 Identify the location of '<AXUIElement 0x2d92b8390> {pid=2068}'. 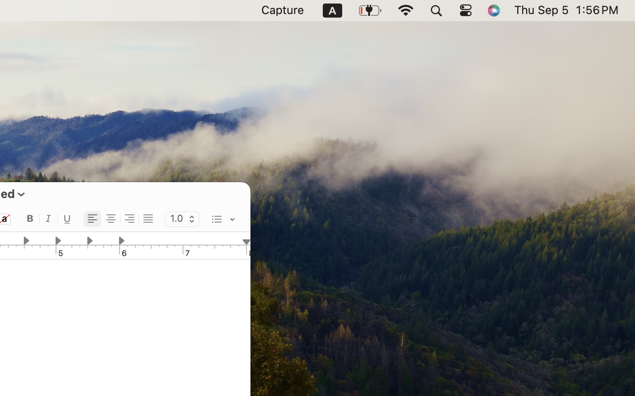
(120, 219).